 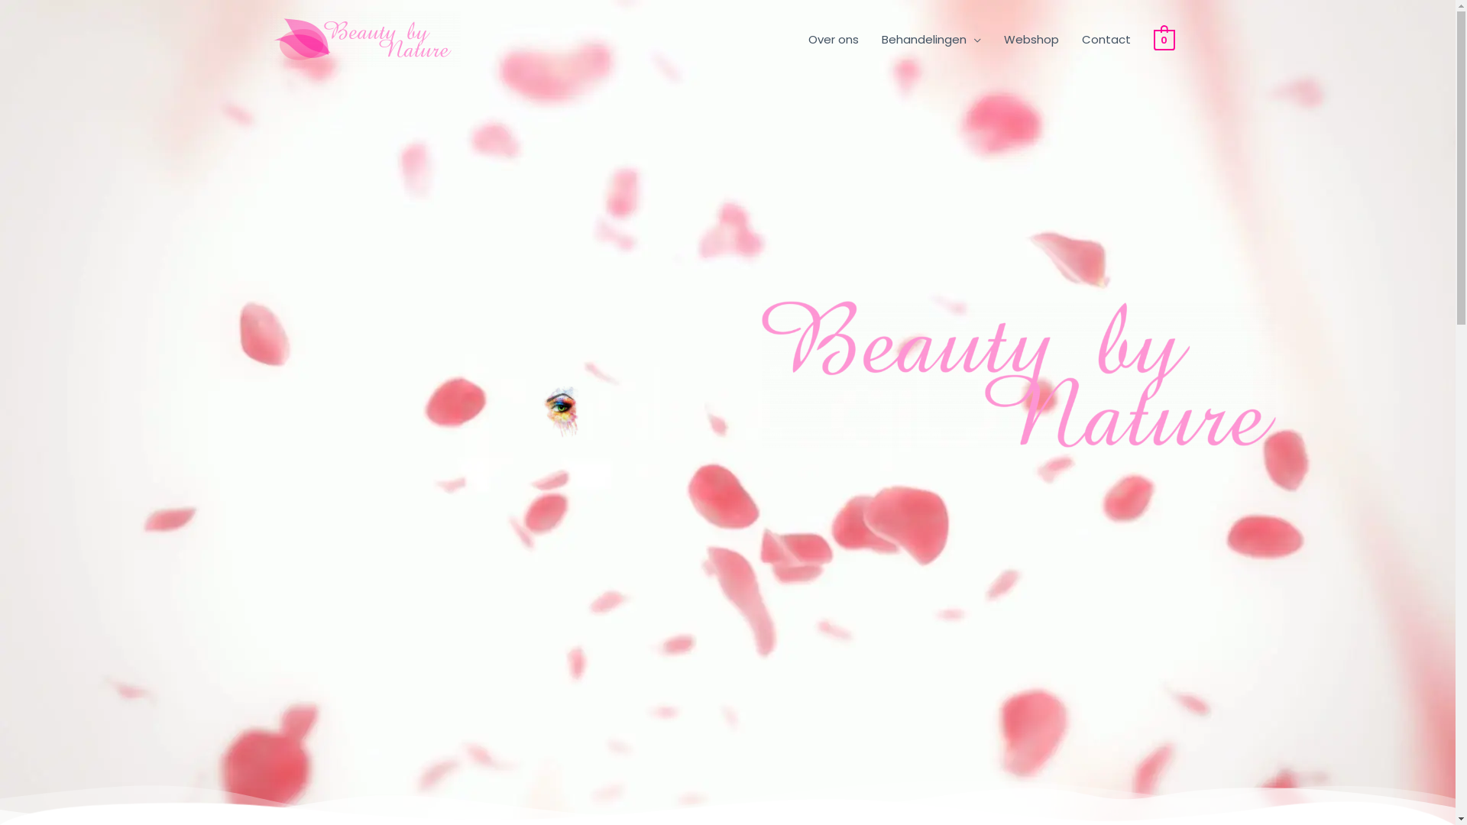 What do you see at coordinates (1031, 38) in the screenshot?
I see `'Webshop'` at bounding box center [1031, 38].